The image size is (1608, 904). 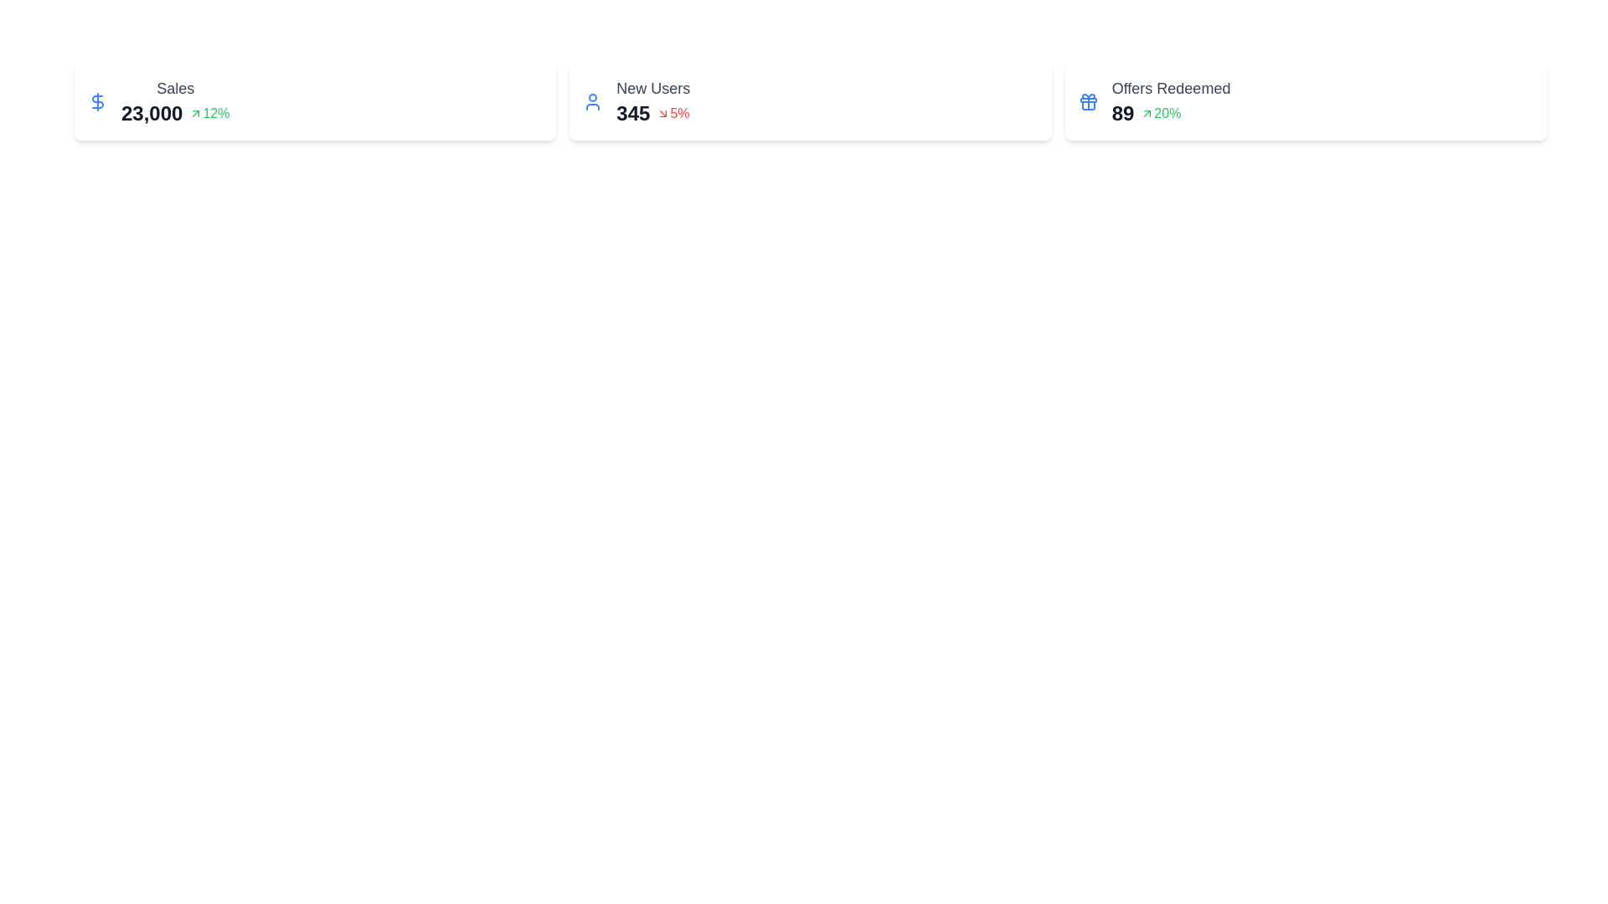 What do you see at coordinates (96, 102) in the screenshot?
I see `the blue dollar sign icon located in a white rounded box, positioned before the 'Sales' text and numeric data` at bounding box center [96, 102].